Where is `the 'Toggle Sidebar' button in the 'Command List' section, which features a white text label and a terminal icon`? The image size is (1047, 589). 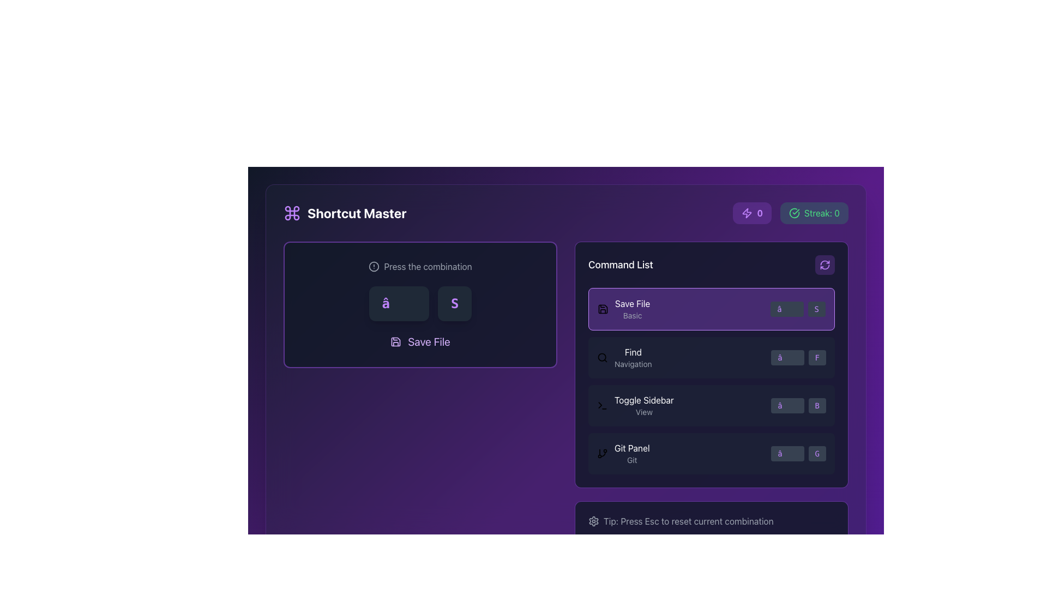
the 'Toggle Sidebar' button in the 'Command List' section, which features a white text label and a terminal icon is located at coordinates (635, 406).